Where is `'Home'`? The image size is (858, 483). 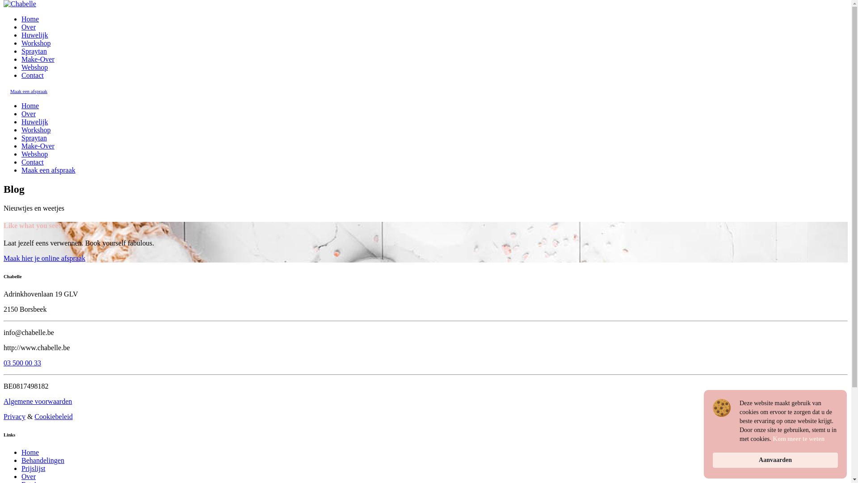
'Home' is located at coordinates (30, 19).